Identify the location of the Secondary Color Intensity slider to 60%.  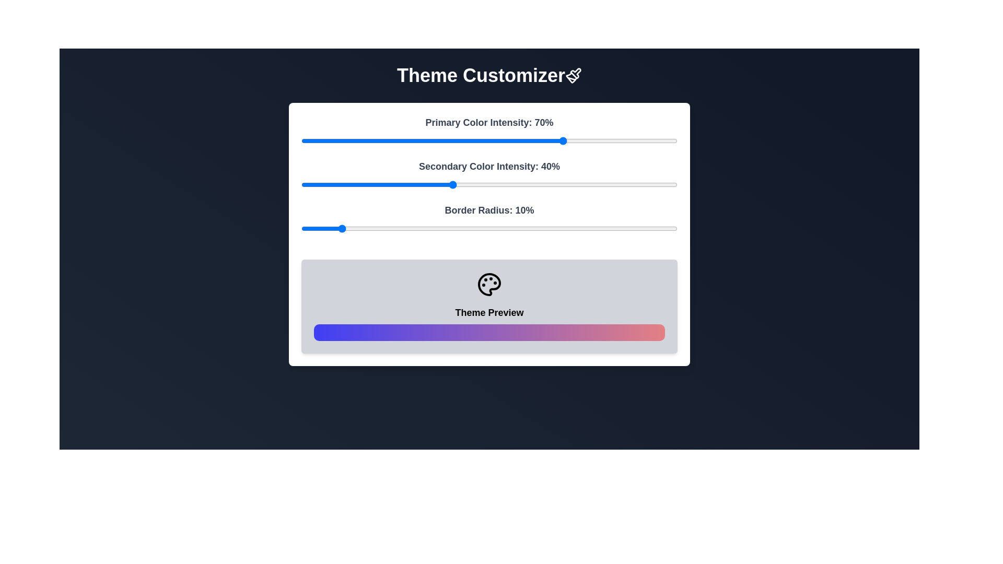
(527, 184).